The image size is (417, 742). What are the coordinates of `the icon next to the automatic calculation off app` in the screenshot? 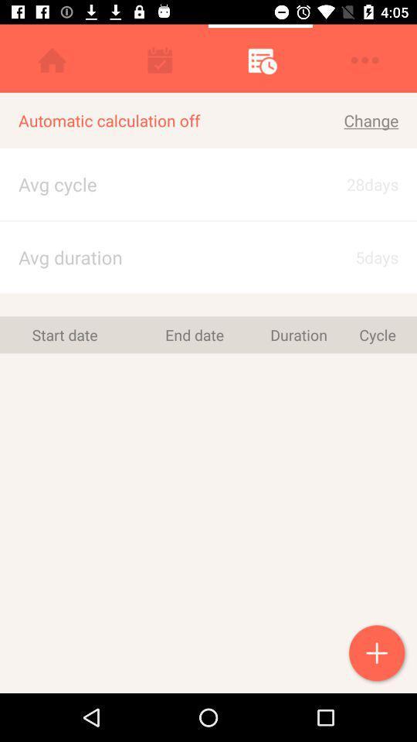 It's located at (358, 184).